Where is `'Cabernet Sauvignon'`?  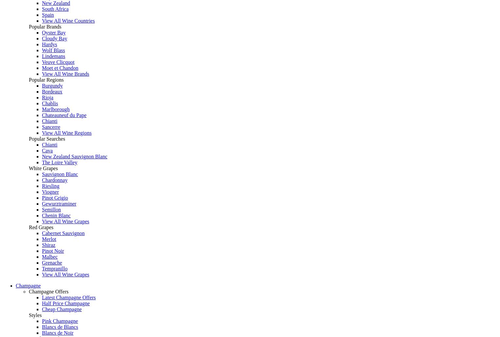
'Cabernet Sauvignon' is located at coordinates (63, 233).